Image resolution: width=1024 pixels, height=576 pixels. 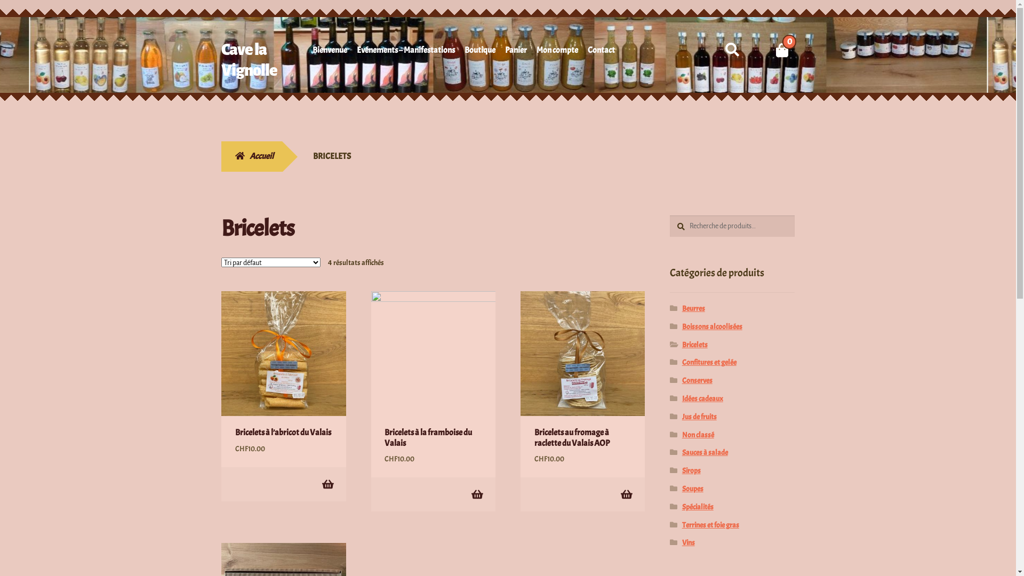 I want to click on 'Soupes', so click(x=693, y=489).